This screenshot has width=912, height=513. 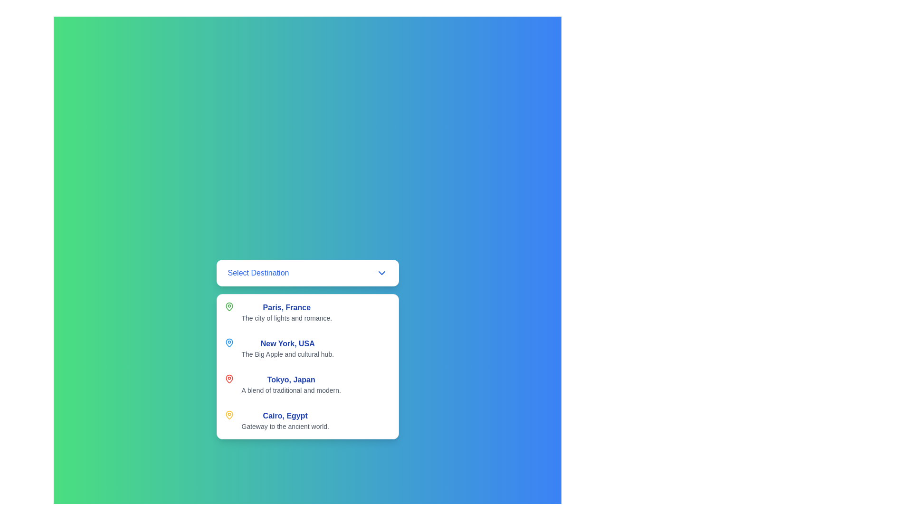 I want to click on the decorative pin marker icon with a yellow stroke next to the text 'Tokyo, Japan' in the dropdown menu, so click(x=229, y=415).